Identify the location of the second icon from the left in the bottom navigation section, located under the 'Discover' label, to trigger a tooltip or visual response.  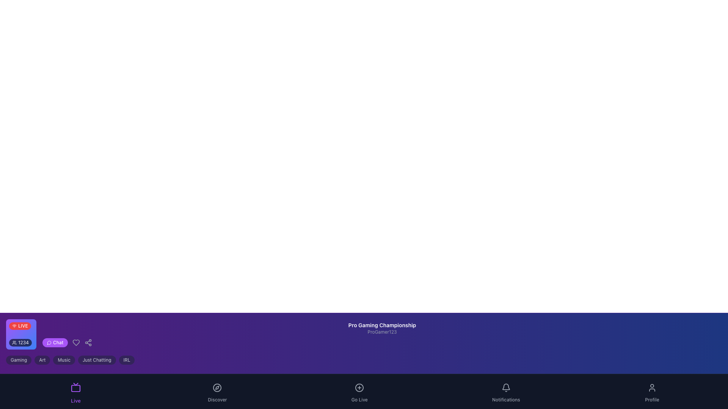
(217, 387).